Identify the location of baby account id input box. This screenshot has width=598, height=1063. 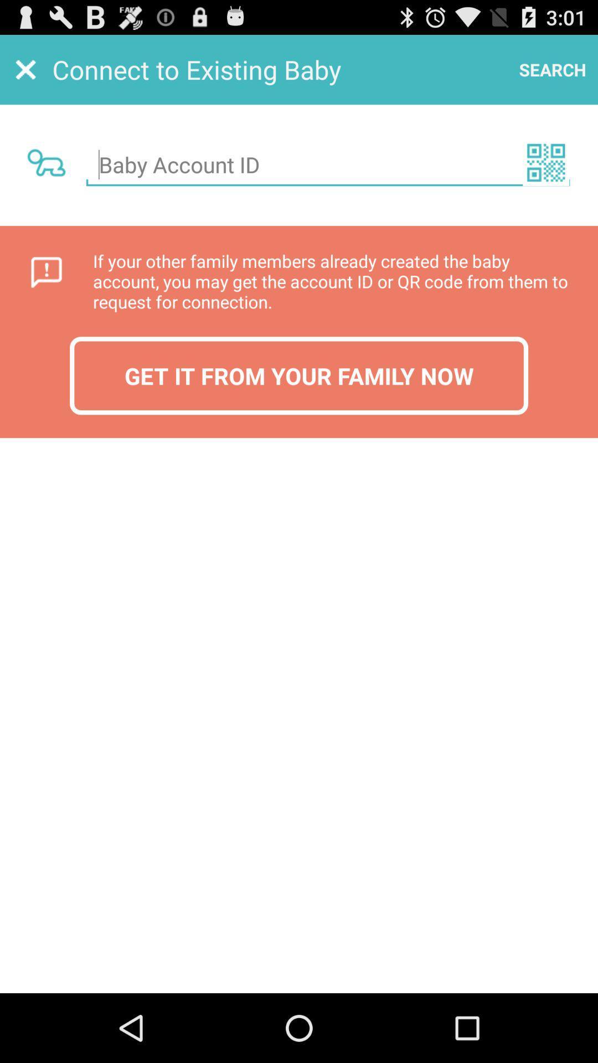
(327, 164).